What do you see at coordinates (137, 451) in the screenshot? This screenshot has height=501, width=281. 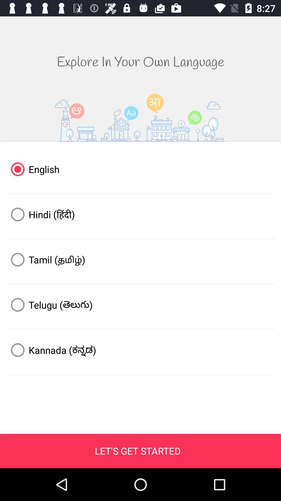 I see `the let s get icon` at bounding box center [137, 451].